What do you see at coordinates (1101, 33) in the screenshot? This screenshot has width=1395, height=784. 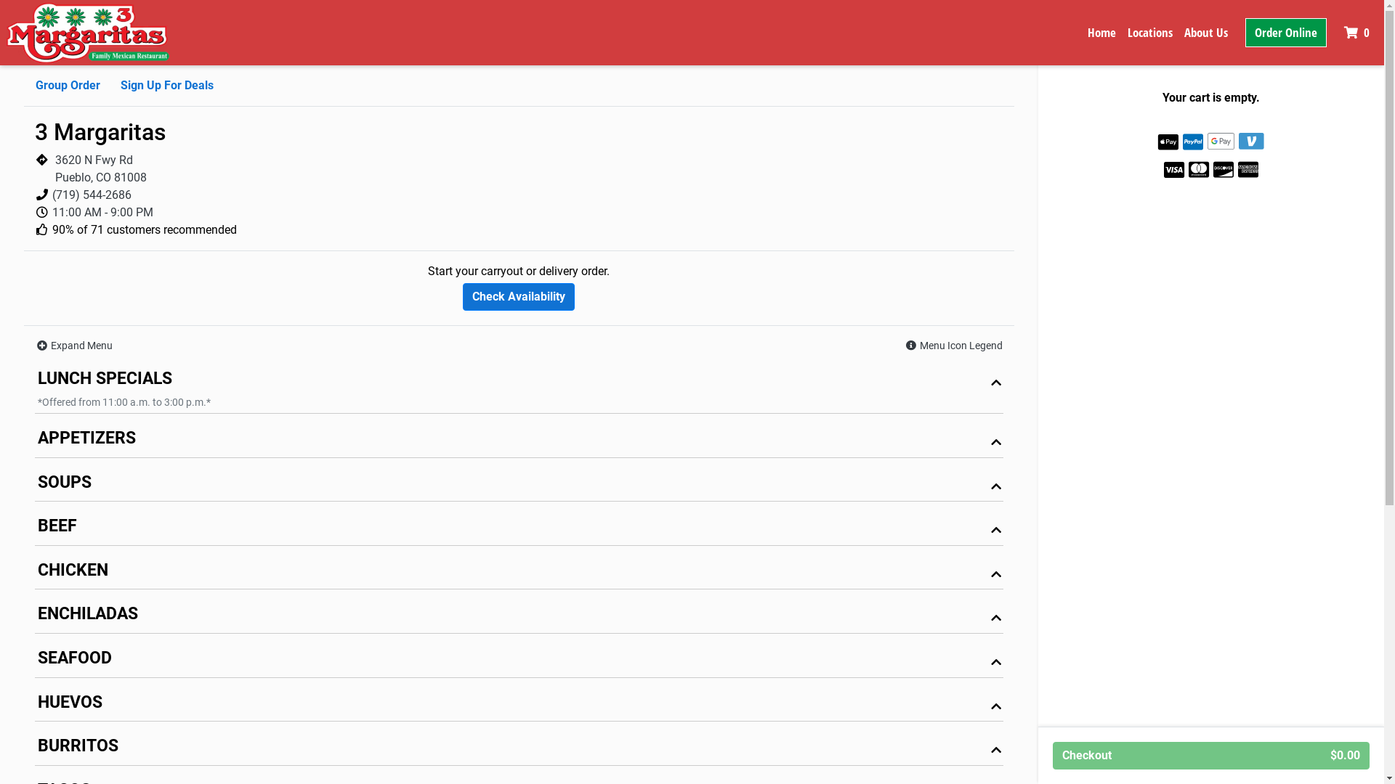 I see `'Home'` at bounding box center [1101, 33].